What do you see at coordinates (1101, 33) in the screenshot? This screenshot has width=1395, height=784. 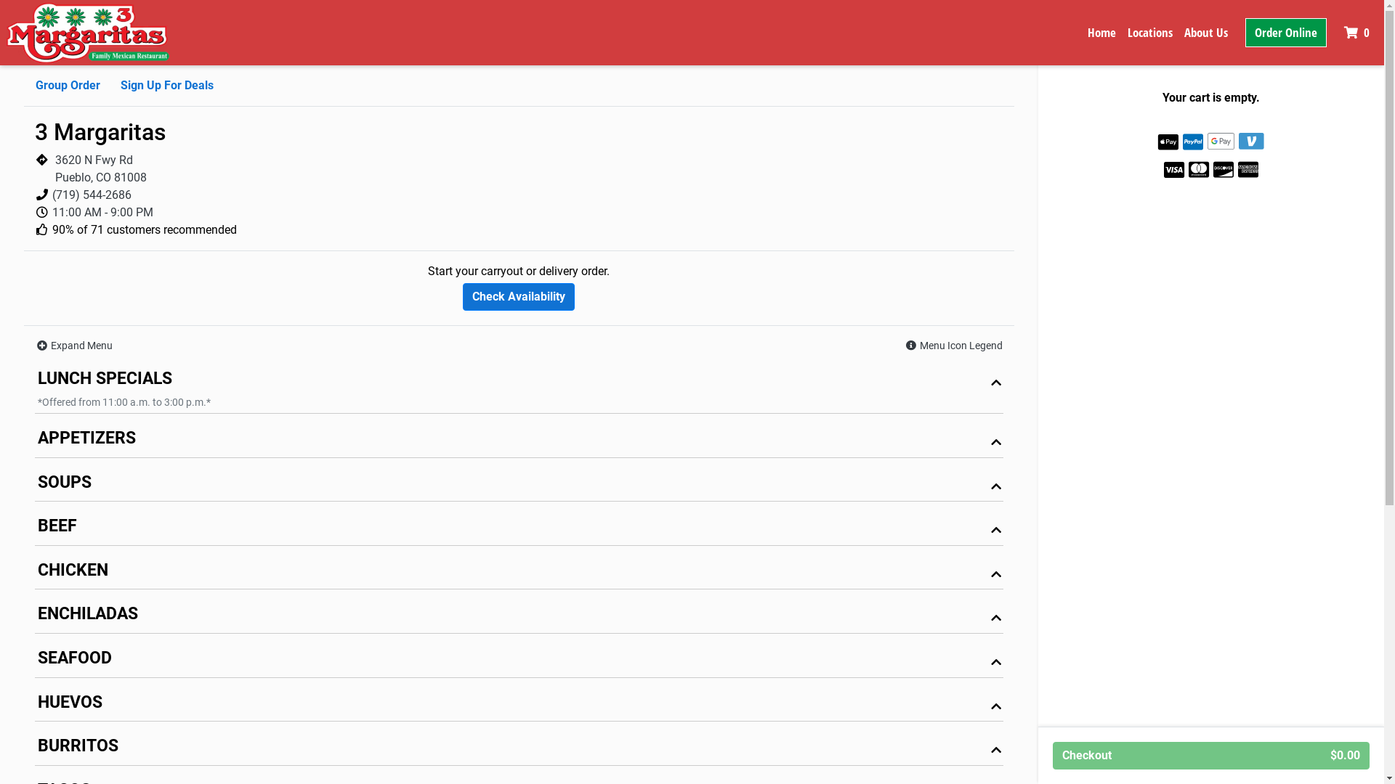 I see `'Home'` at bounding box center [1101, 33].